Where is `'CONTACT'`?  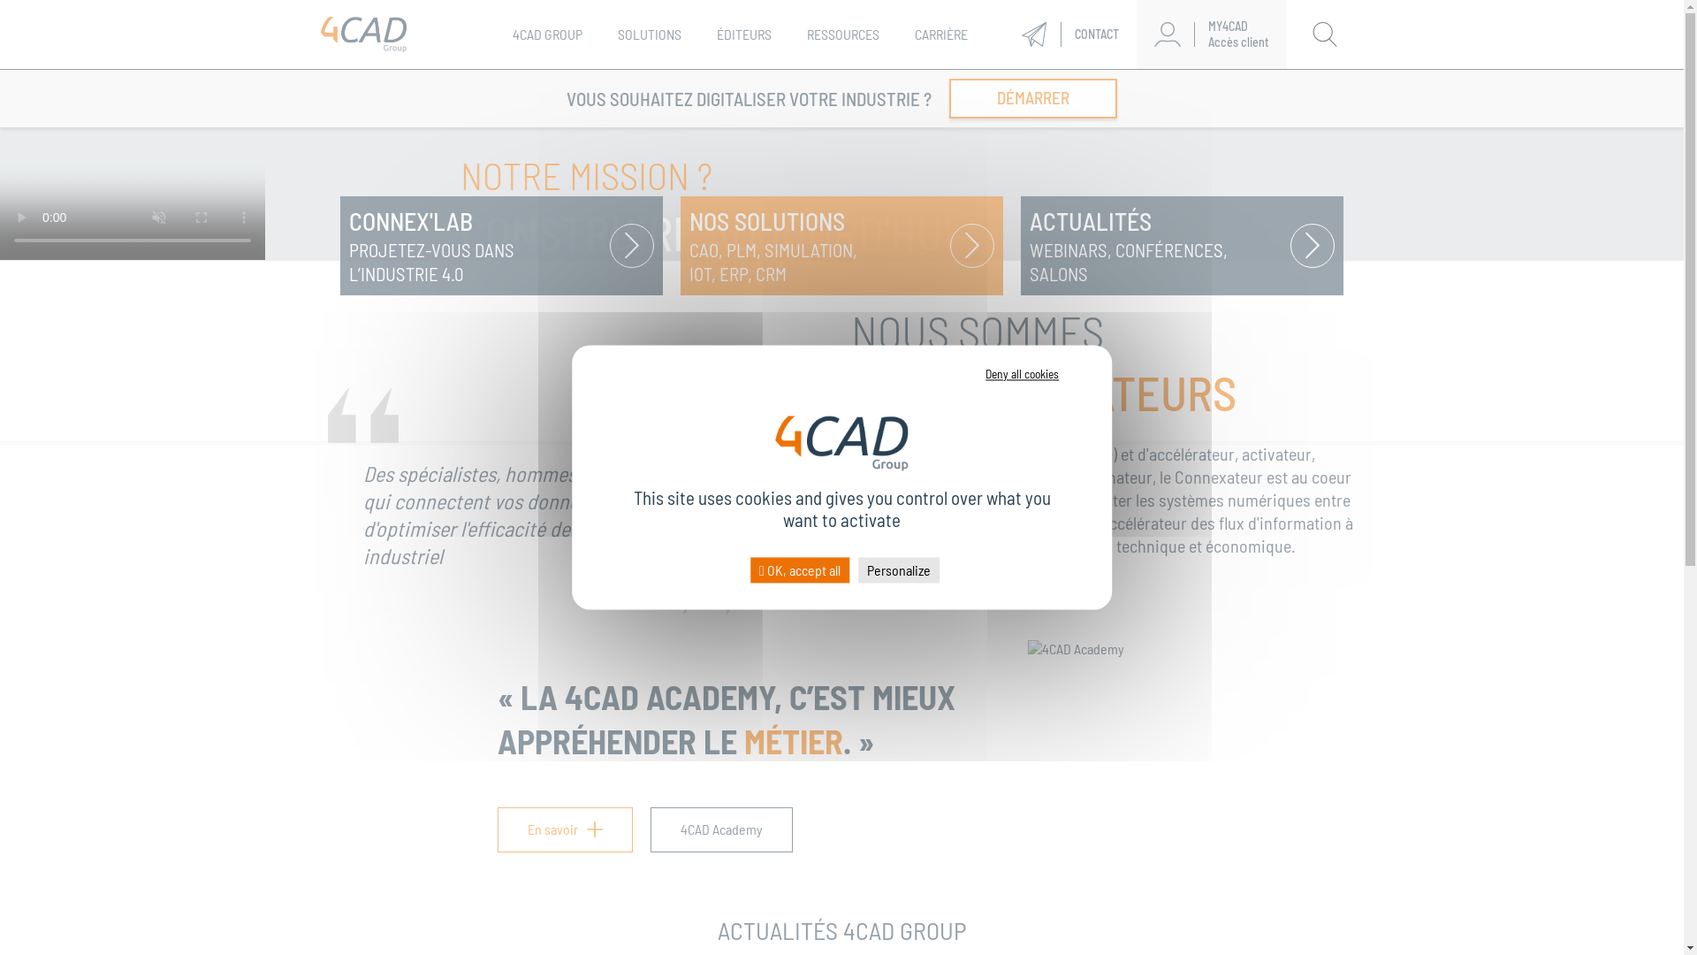 'CONTACT' is located at coordinates (1069, 34).